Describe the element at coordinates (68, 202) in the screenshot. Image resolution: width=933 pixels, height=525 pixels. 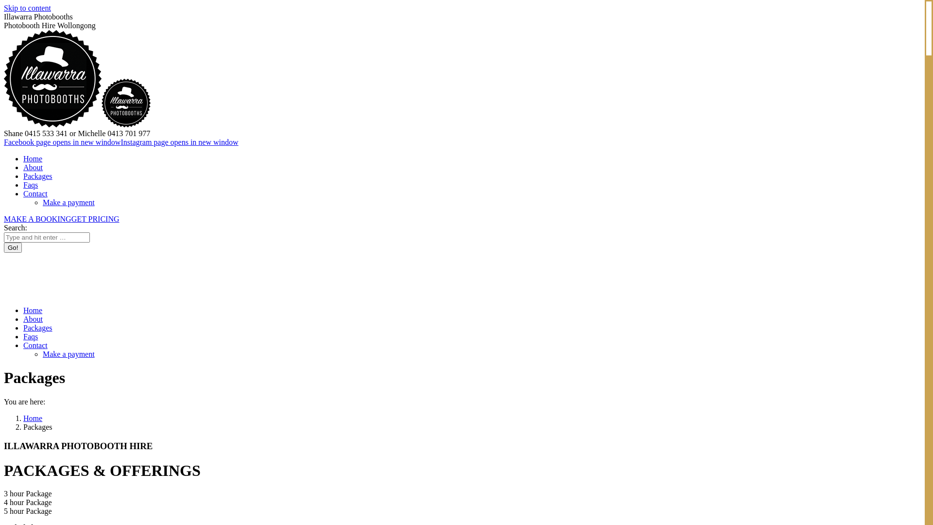
I see `'Make a payment'` at that location.